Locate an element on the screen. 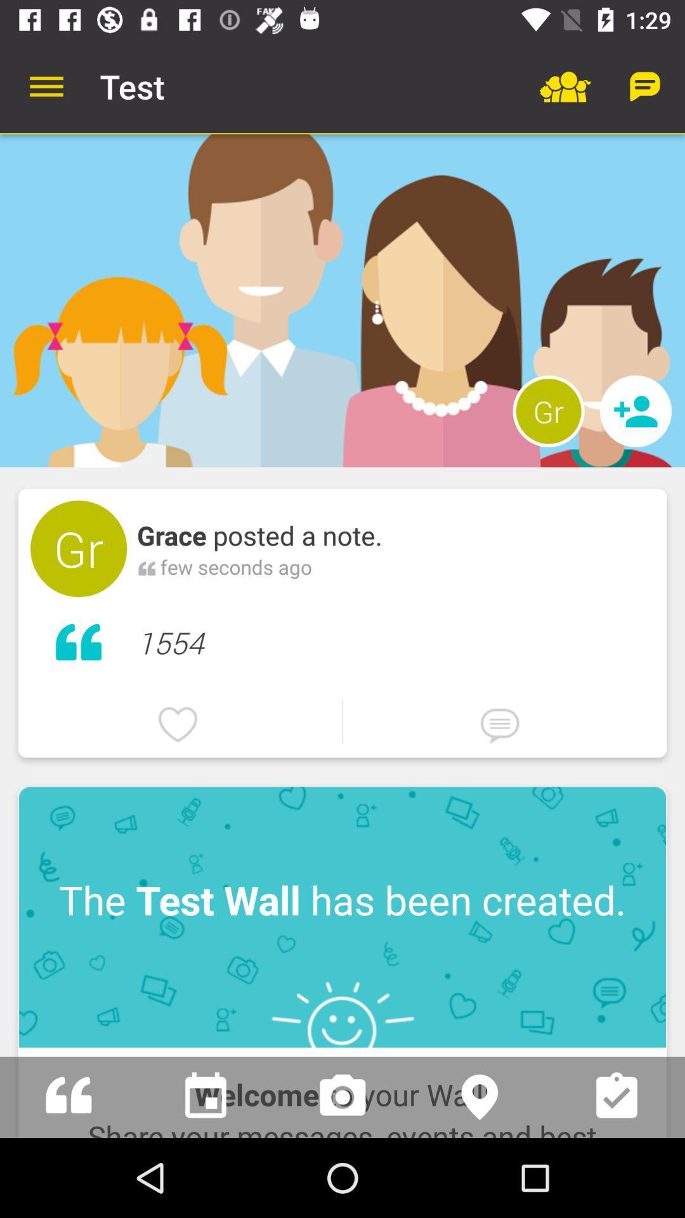 This screenshot has width=685, height=1218. use camera is located at coordinates (342, 1096).